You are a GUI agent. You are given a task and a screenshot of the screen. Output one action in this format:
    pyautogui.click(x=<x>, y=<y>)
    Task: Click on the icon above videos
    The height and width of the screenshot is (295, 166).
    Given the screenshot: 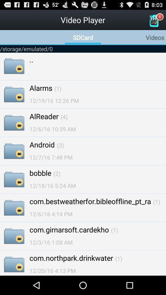 What is the action you would take?
    pyautogui.click(x=153, y=21)
    